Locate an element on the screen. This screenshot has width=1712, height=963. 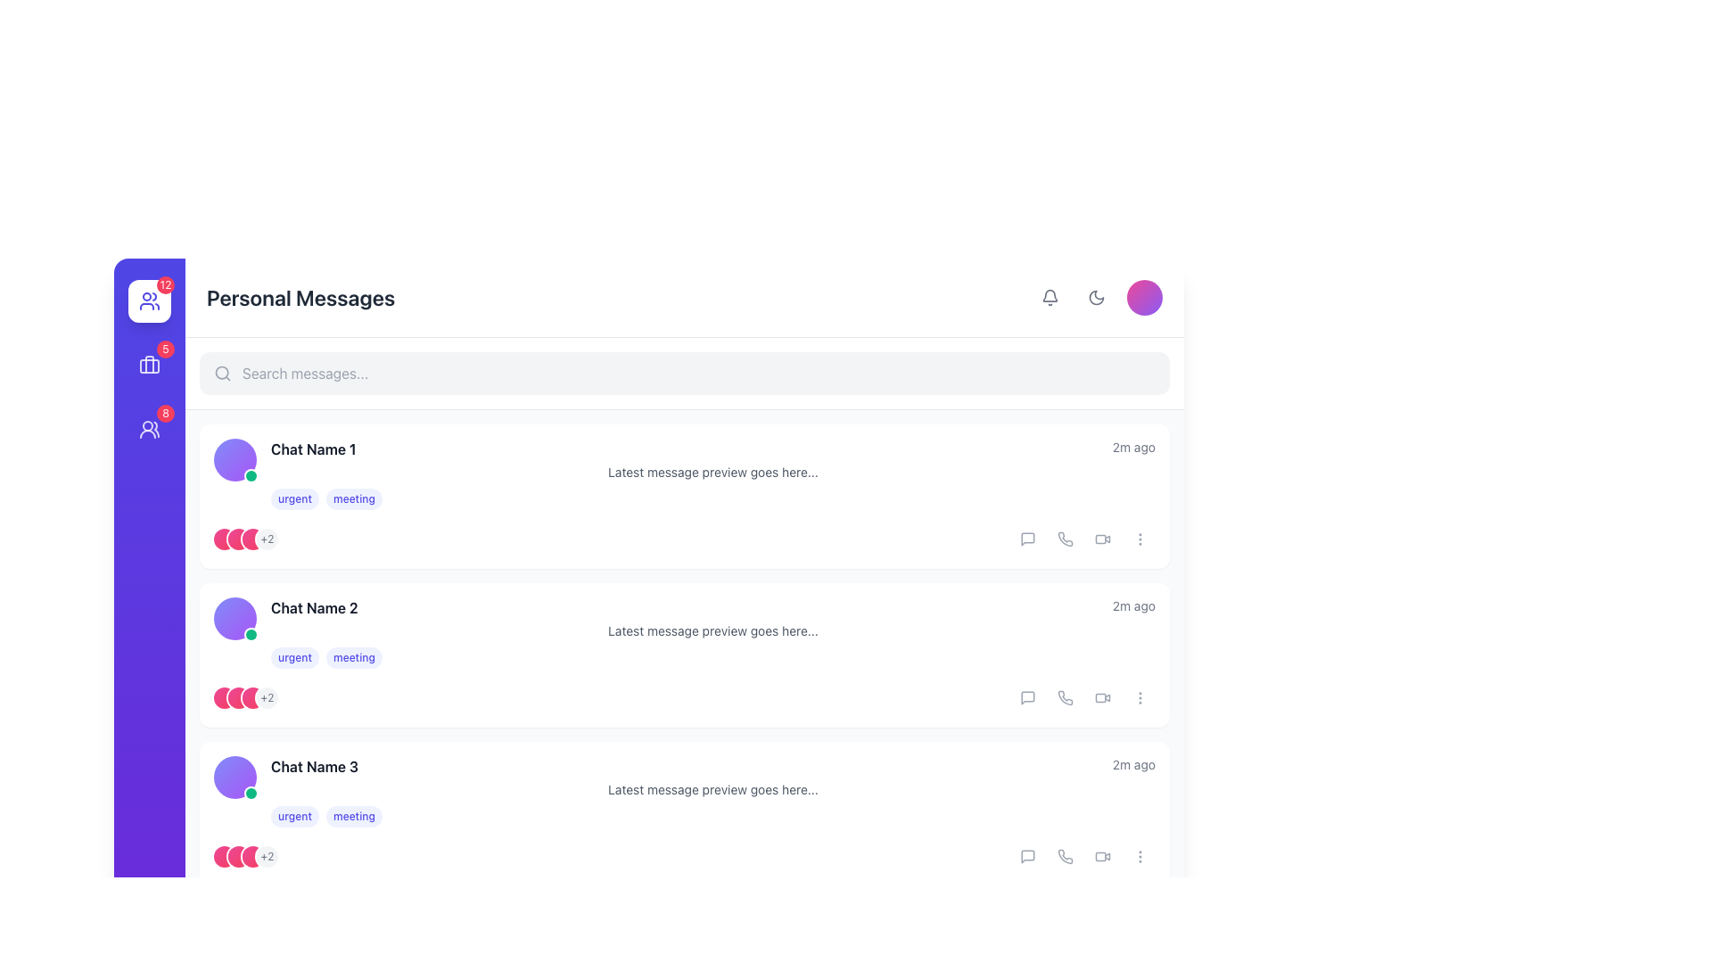
the inner large rectangular shape of the briefcase icon, which is the second icon in the vertical navigation bar on the left side of the interface is located at coordinates (150, 366).